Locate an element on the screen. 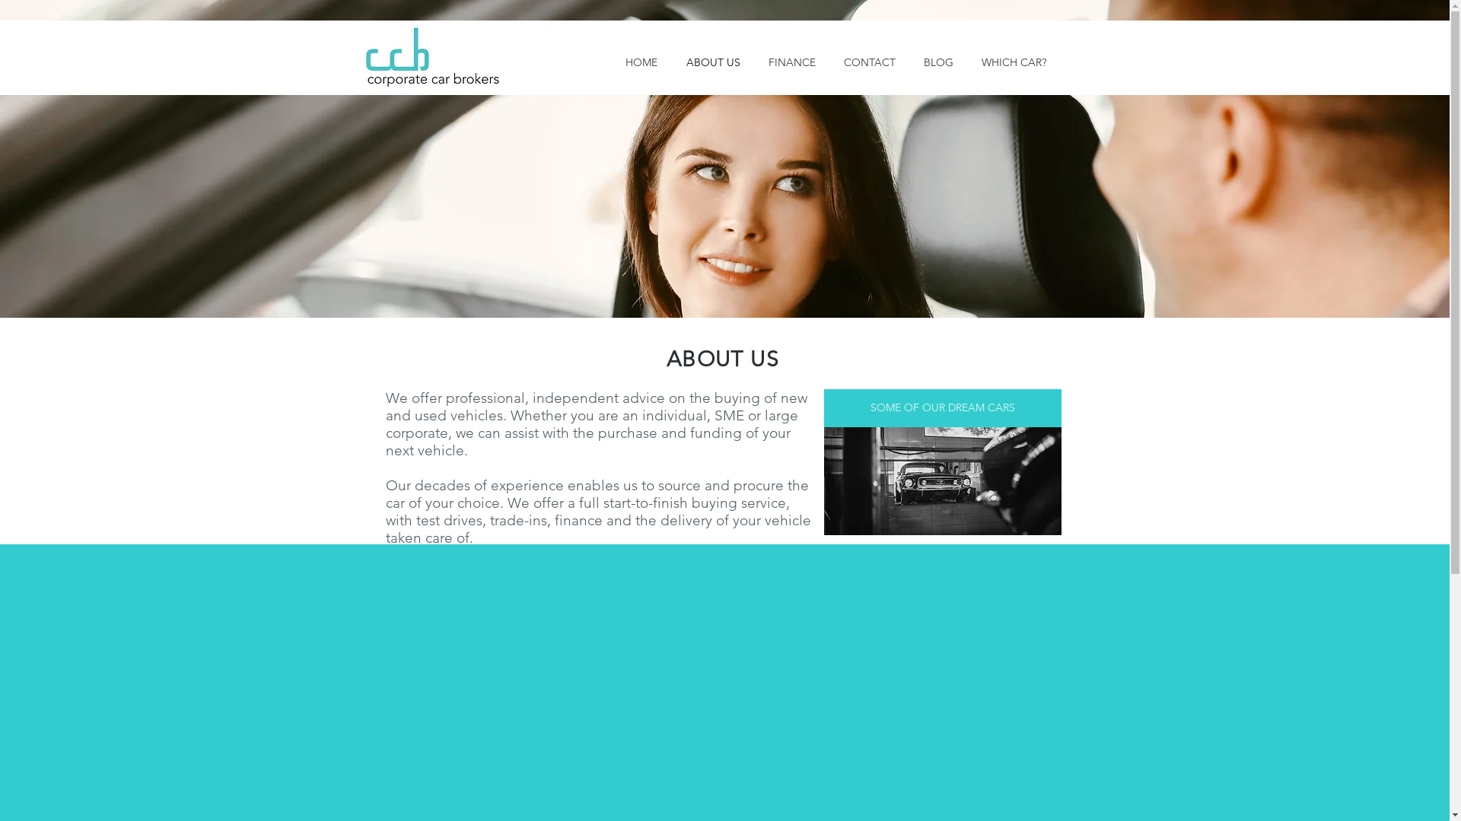 This screenshot has height=821, width=1461. 'ABOUT US' is located at coordinates (711, 61).